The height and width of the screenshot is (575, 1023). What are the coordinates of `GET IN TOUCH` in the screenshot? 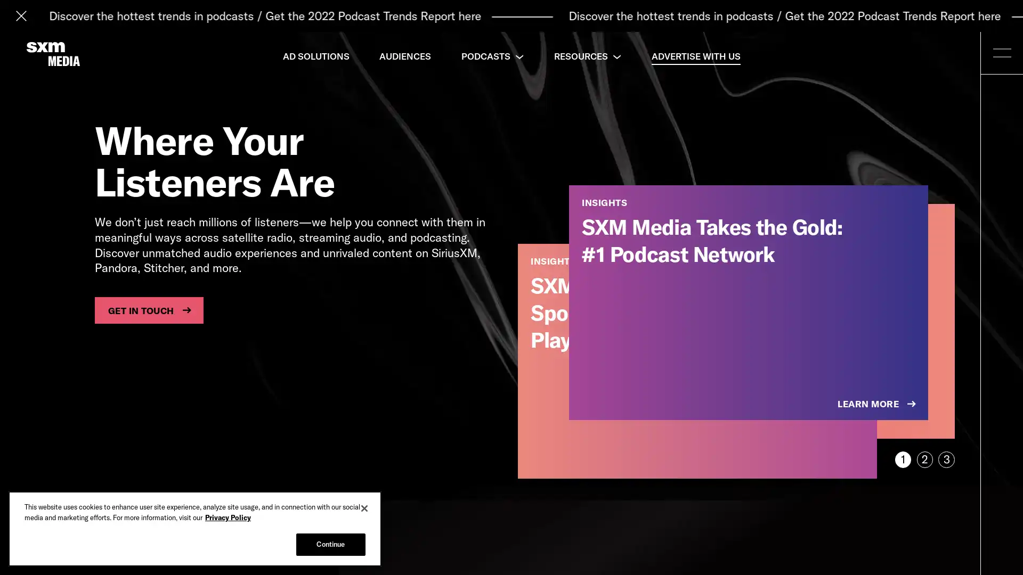 It's located at (148, 310).